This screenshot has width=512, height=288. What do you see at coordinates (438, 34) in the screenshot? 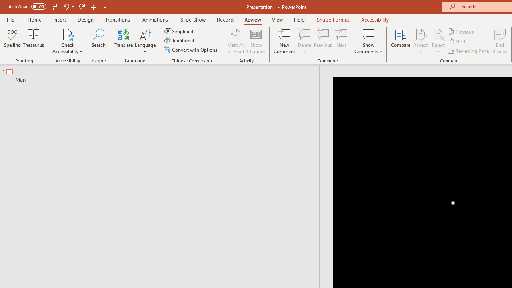
I see `'Reject Change'` at bounding box center [438, 34].